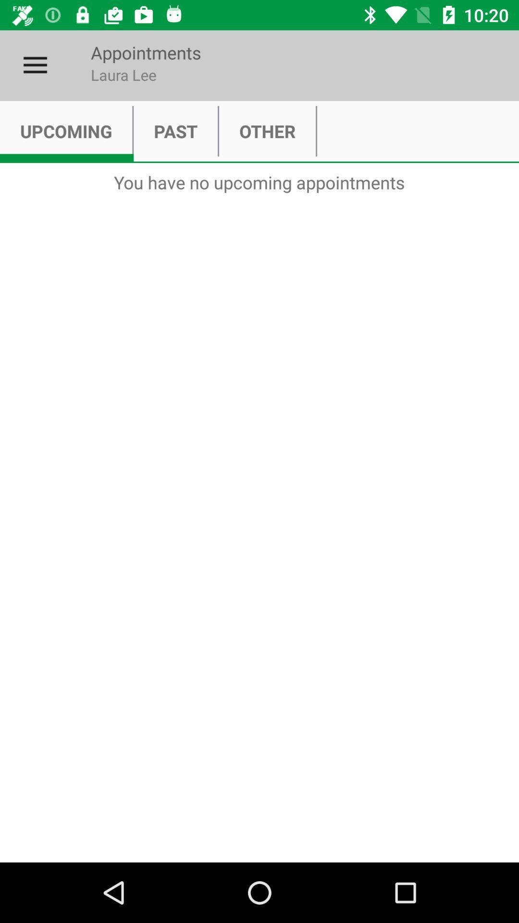 The height and width of the screenshot is (923, 519). What do you see at coordinates (35, 65) in the screenshot?
I see `the icon to the left of appointments item` at bounding box center [35, 65].